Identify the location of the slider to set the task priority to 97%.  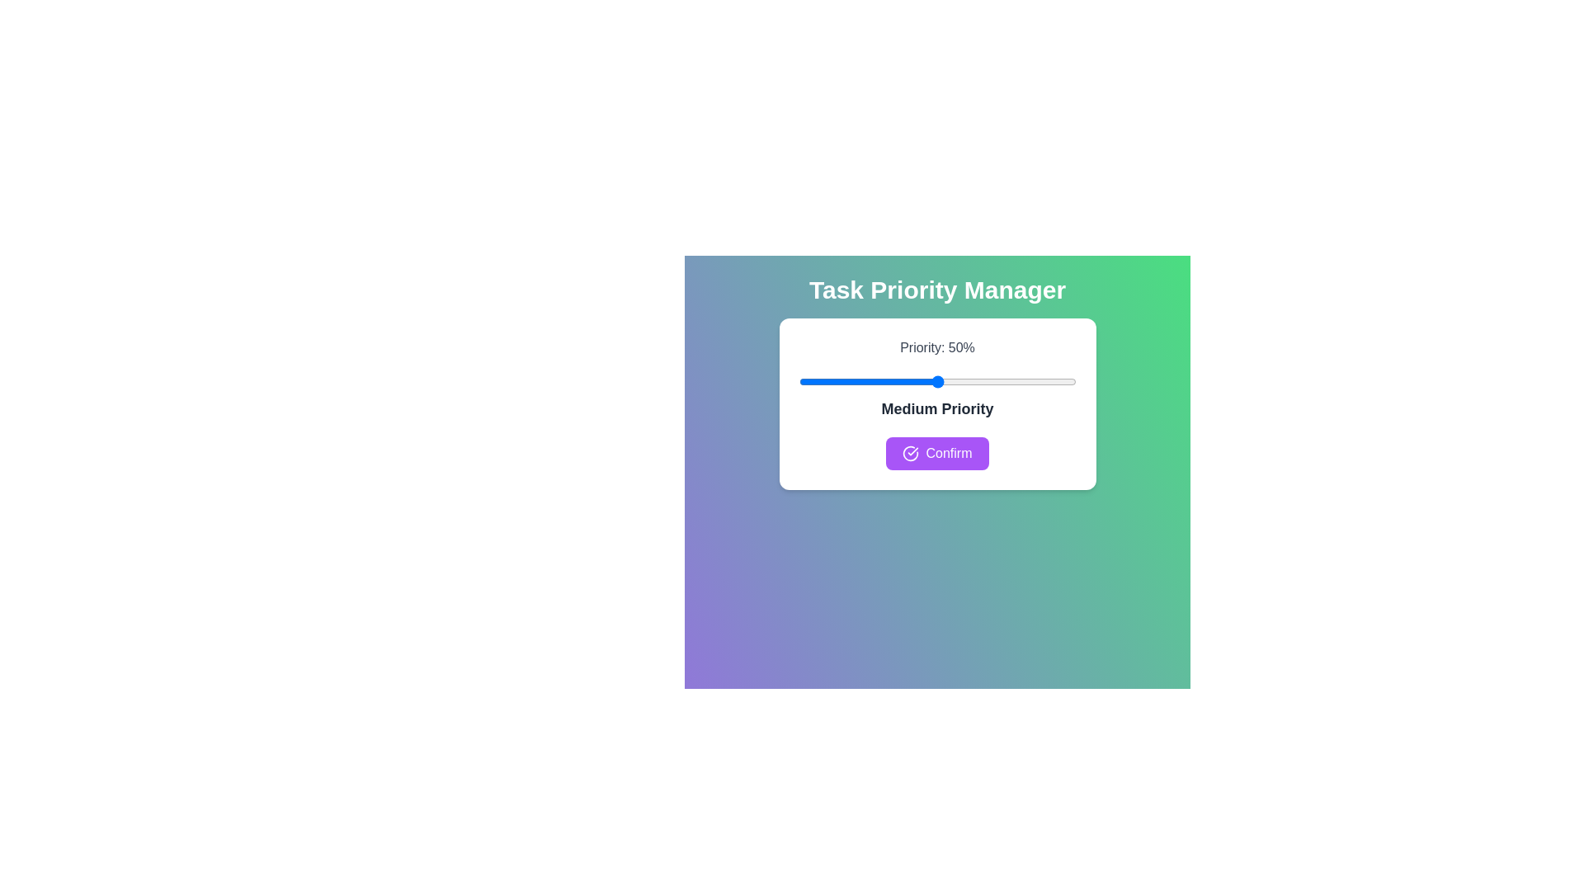
(1068, 381).